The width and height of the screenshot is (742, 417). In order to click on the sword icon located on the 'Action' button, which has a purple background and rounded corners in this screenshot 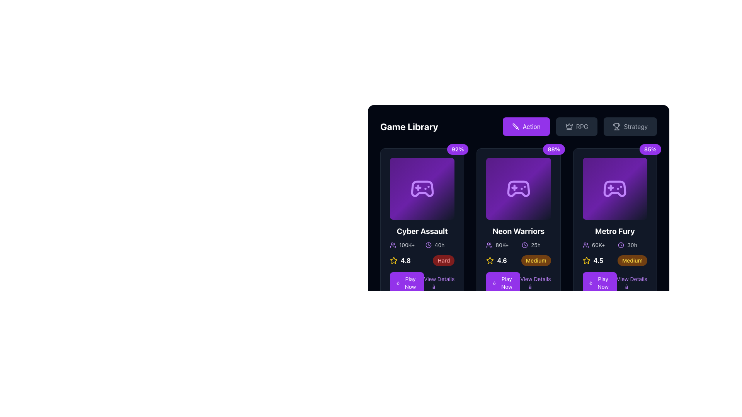, I will do `click(516, 126)`.